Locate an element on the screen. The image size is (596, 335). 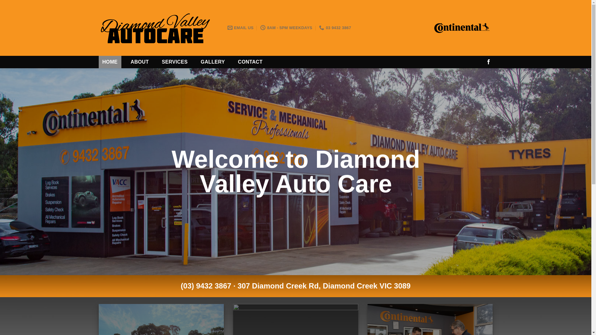
'307 Diamond Creek Rd, Diamond Creek VIC 3089' is located at coordinates (323, 286).